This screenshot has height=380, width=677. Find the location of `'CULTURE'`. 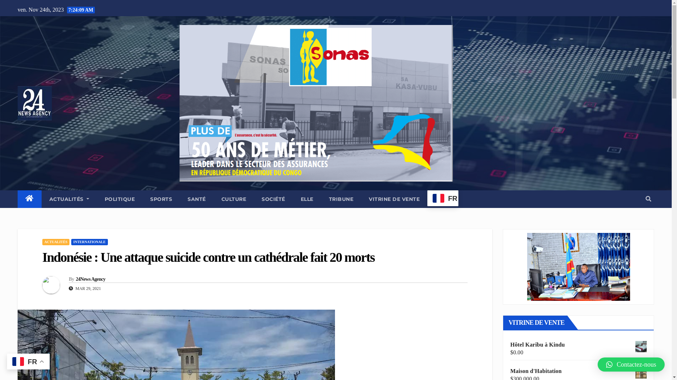

'CULTURE' is located at coordinates (213, 199).